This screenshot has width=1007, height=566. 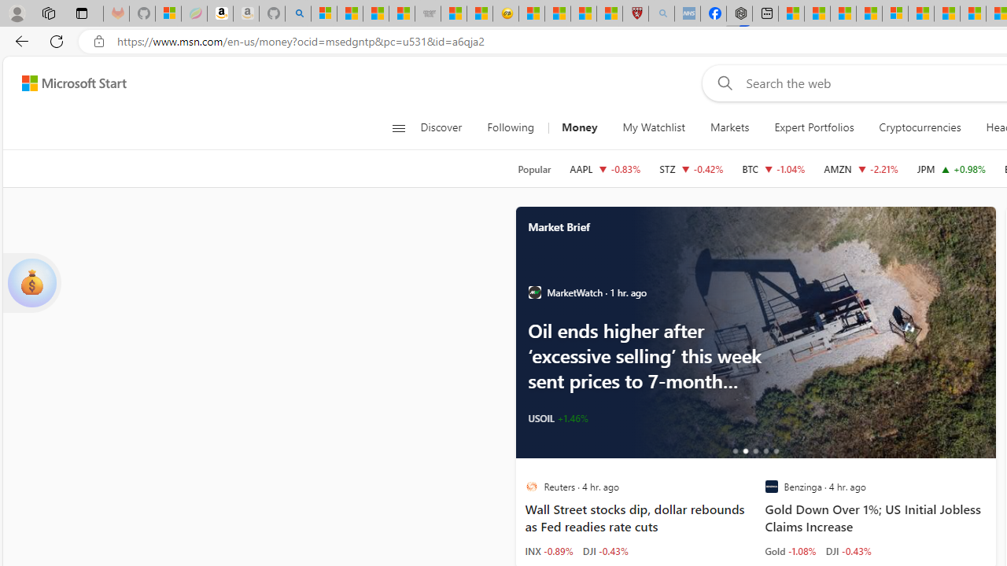 I want to click on 'USOIL +1.46%', so click(x=558, y=417).